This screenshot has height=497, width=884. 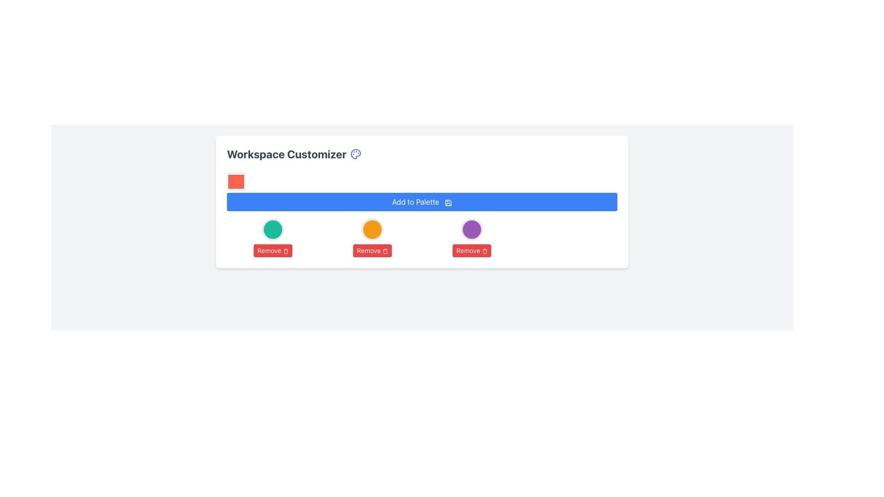 What do you see at coordinates (471, 250) in the screenshot?
I see `the 'Remove' button with a red background and white text, which is located below a purple circular shape` at bounding box center [471, 250].